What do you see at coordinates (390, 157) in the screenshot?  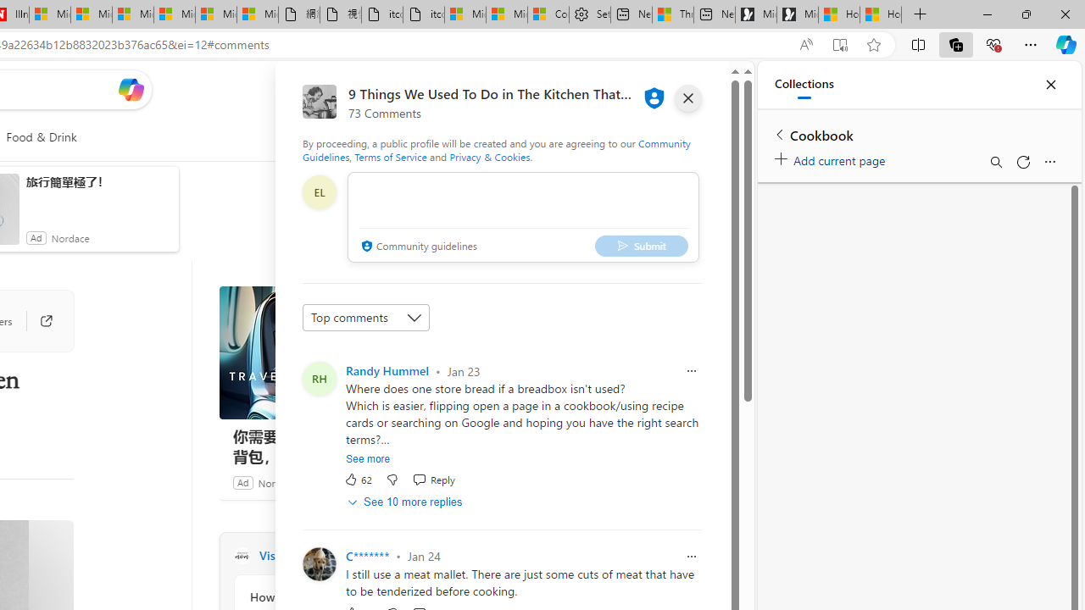 I see `'Terms of Service'` at bounding box center [390, 157].